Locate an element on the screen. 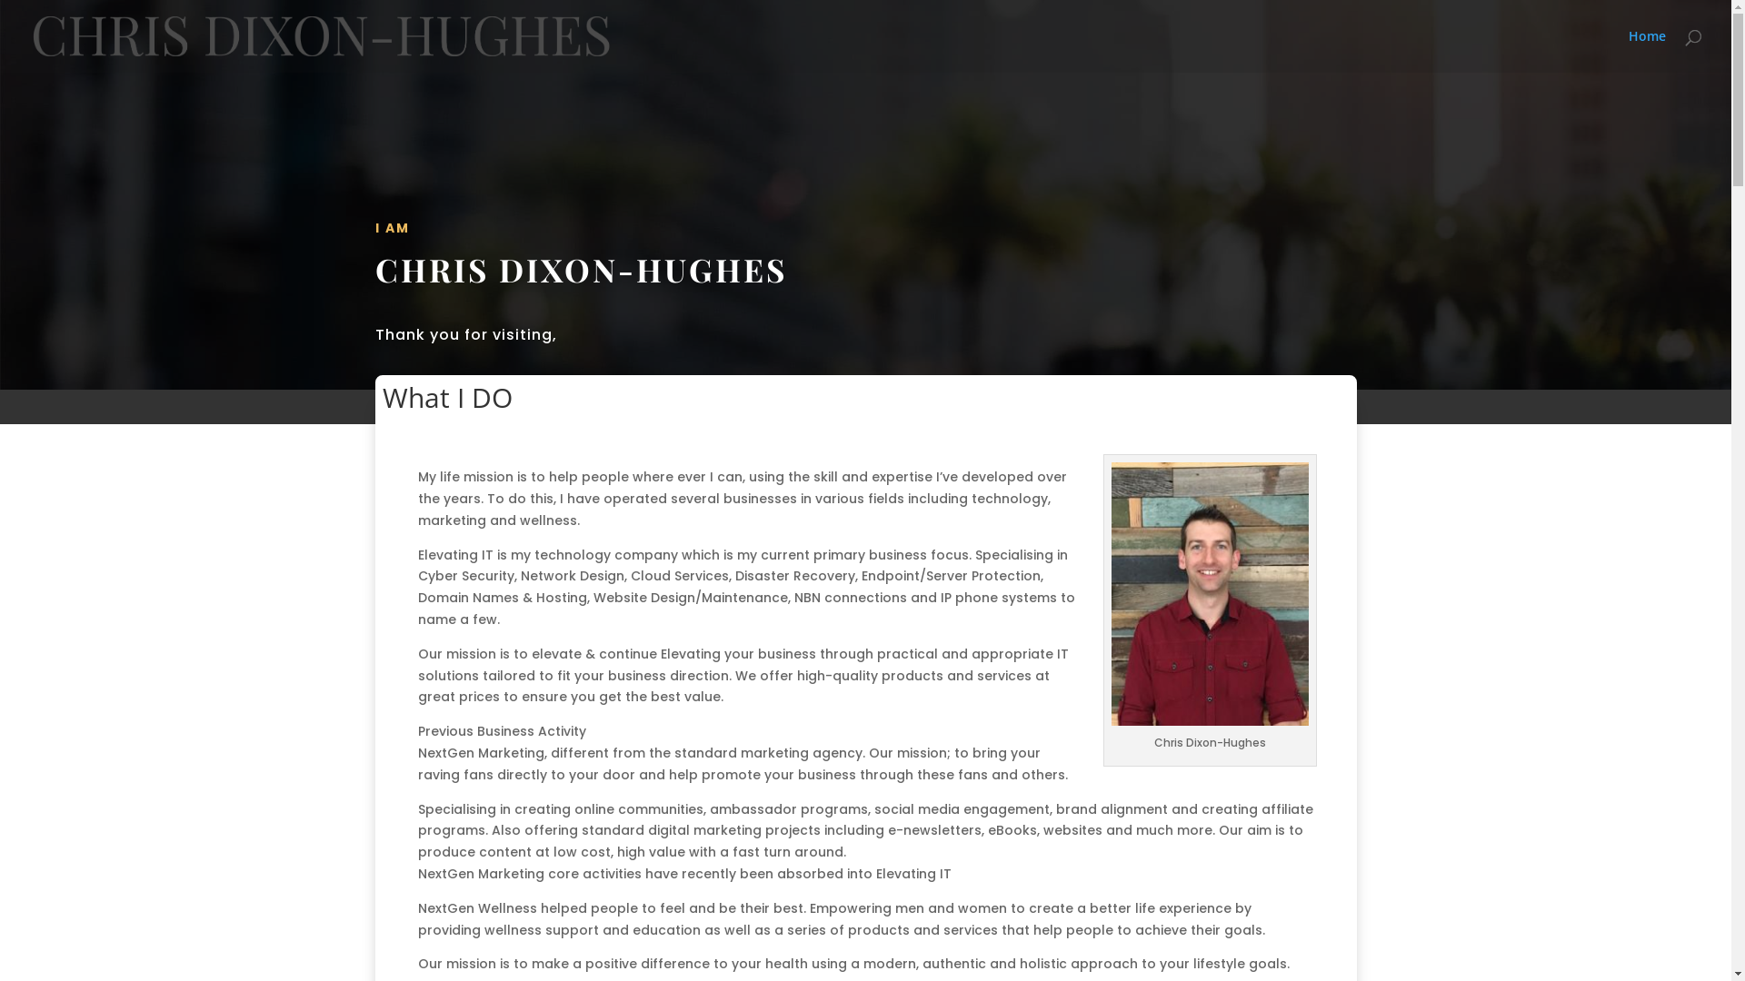  'Home' is located at coordinates (1647, 50).